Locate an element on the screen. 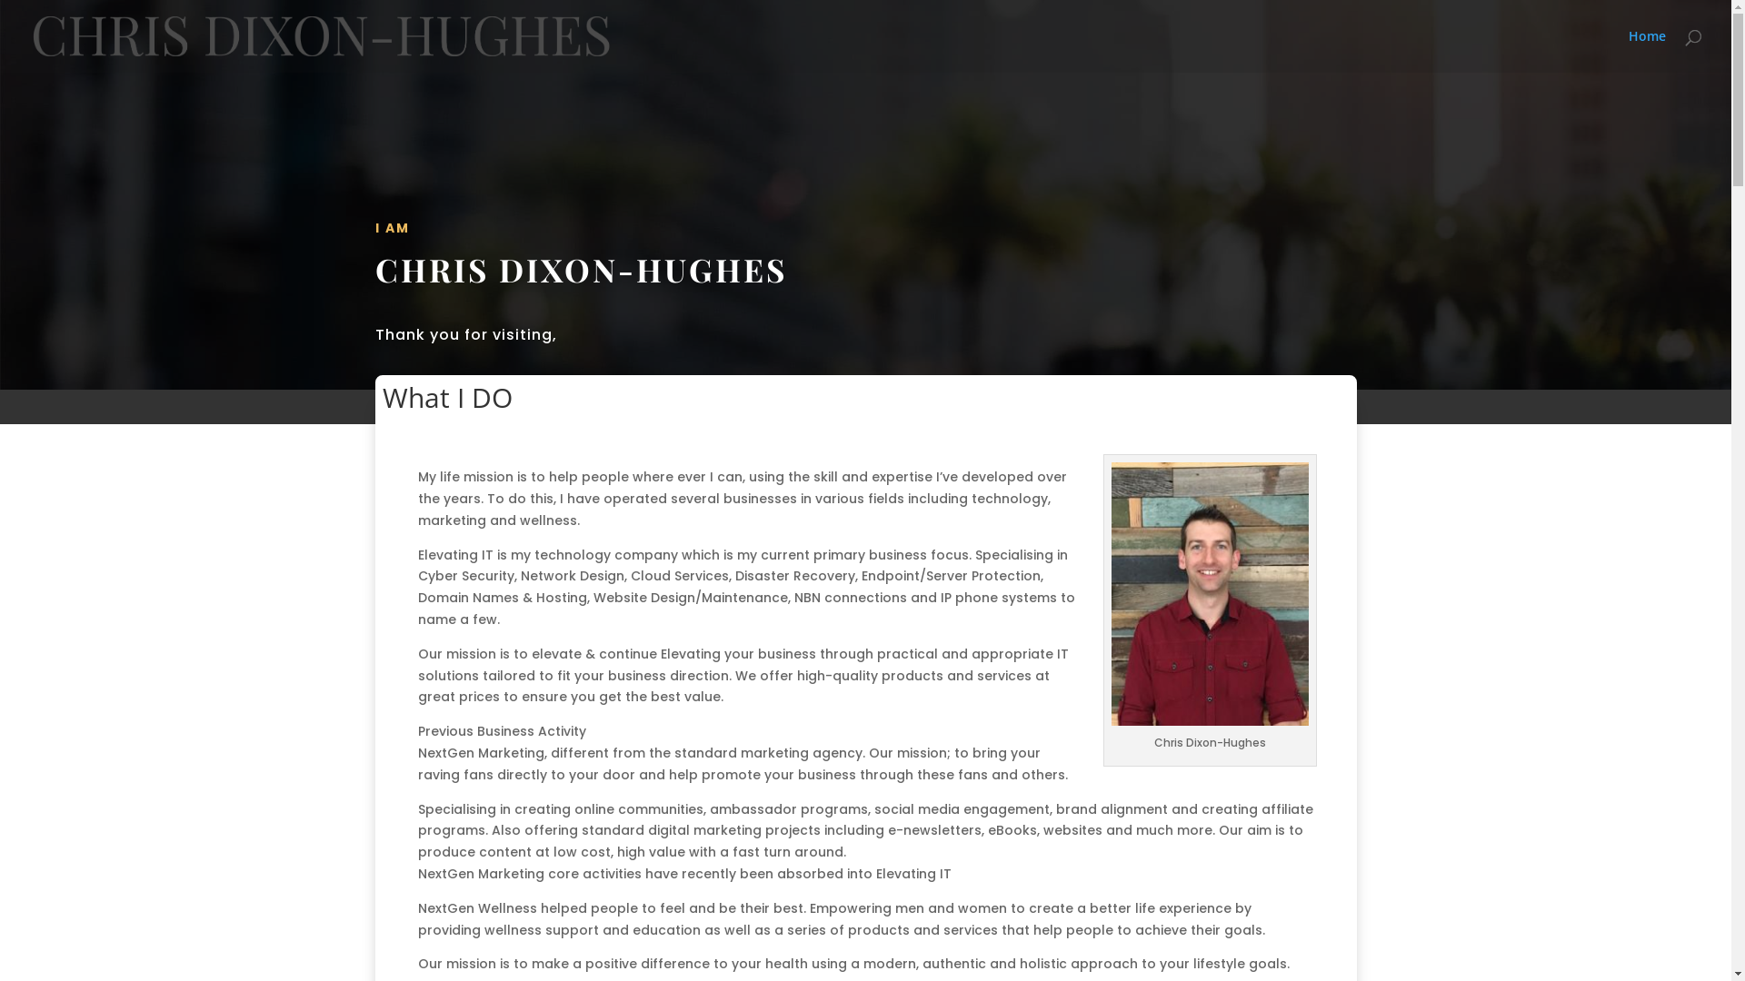  'Home' is located at coordinates (1647, 50).